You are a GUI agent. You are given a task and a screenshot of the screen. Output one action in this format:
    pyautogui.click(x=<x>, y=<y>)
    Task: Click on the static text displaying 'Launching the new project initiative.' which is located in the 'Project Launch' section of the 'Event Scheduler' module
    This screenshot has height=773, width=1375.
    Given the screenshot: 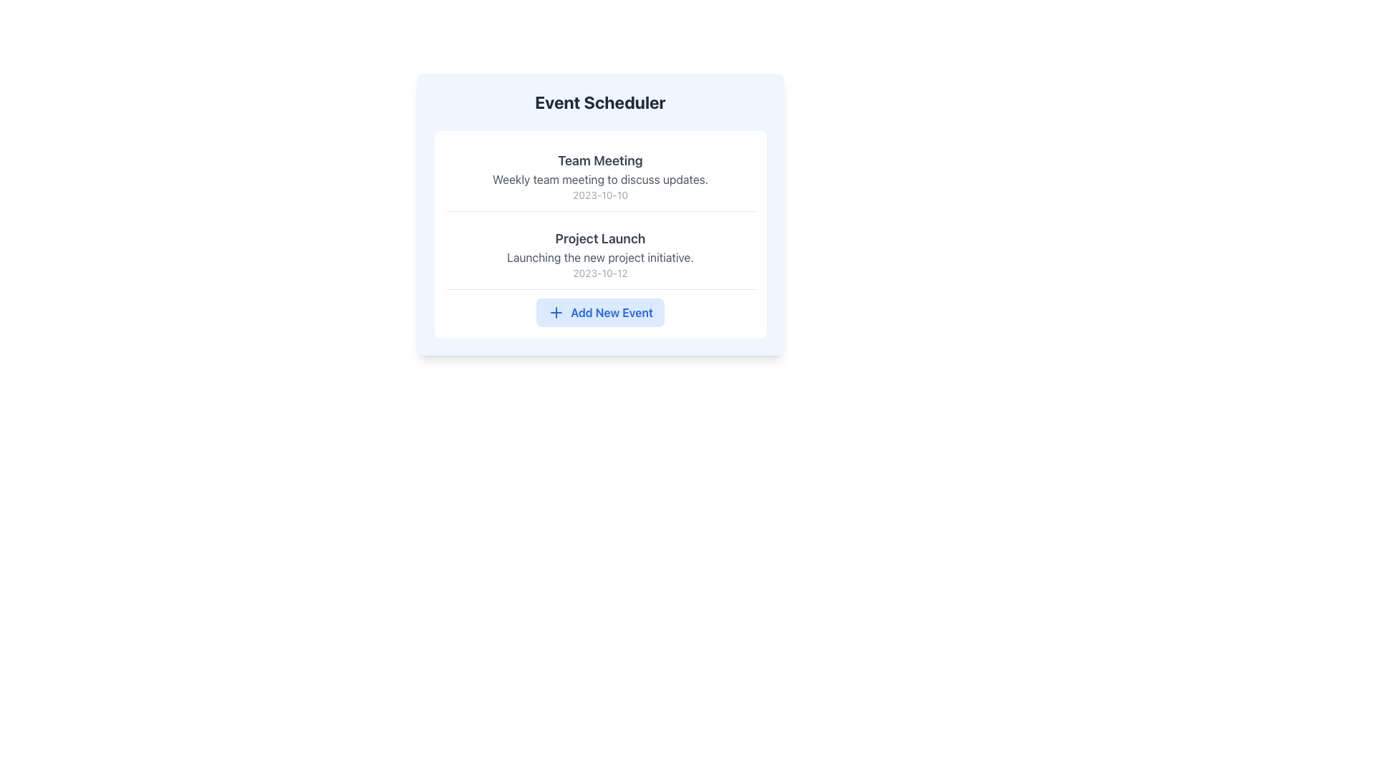 What is the action you would take?
    pyautogui.click(x=600, y=256)
    